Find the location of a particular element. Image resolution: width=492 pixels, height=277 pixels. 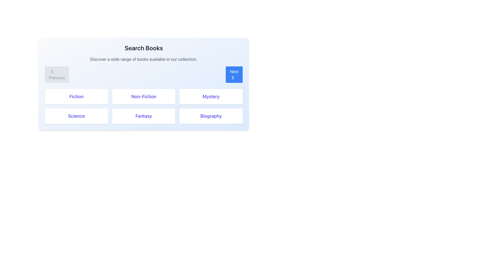

the descriptive text providing information about the book collection, located beneath the 'Search Books' heading and above the navigation controls is located at coordinates (143, 59).